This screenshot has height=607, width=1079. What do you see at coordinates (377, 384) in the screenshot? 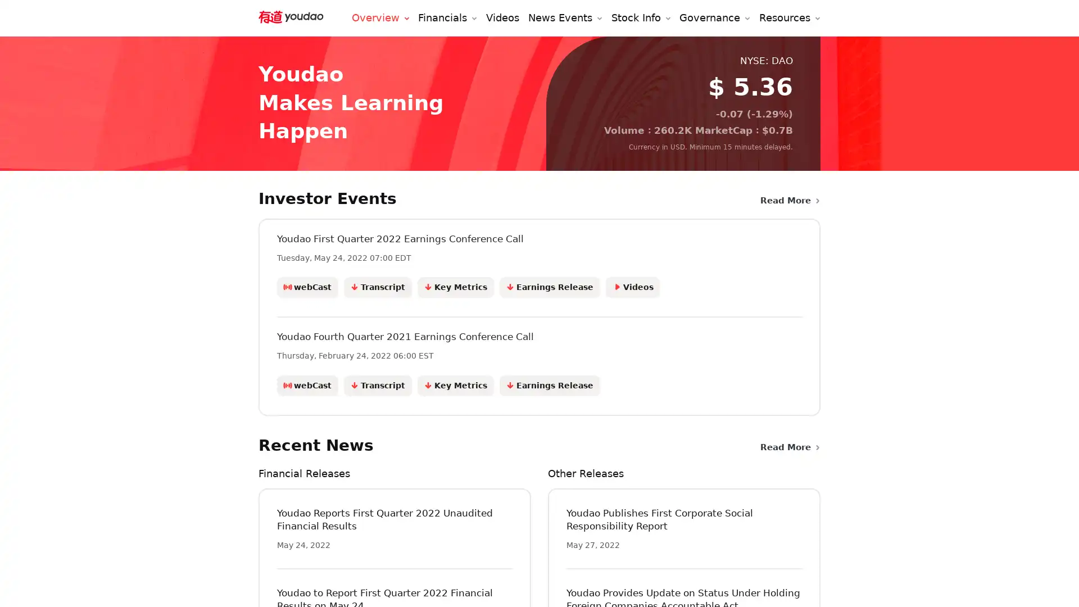
I see `Transcript` at bounding box center [377, 384].